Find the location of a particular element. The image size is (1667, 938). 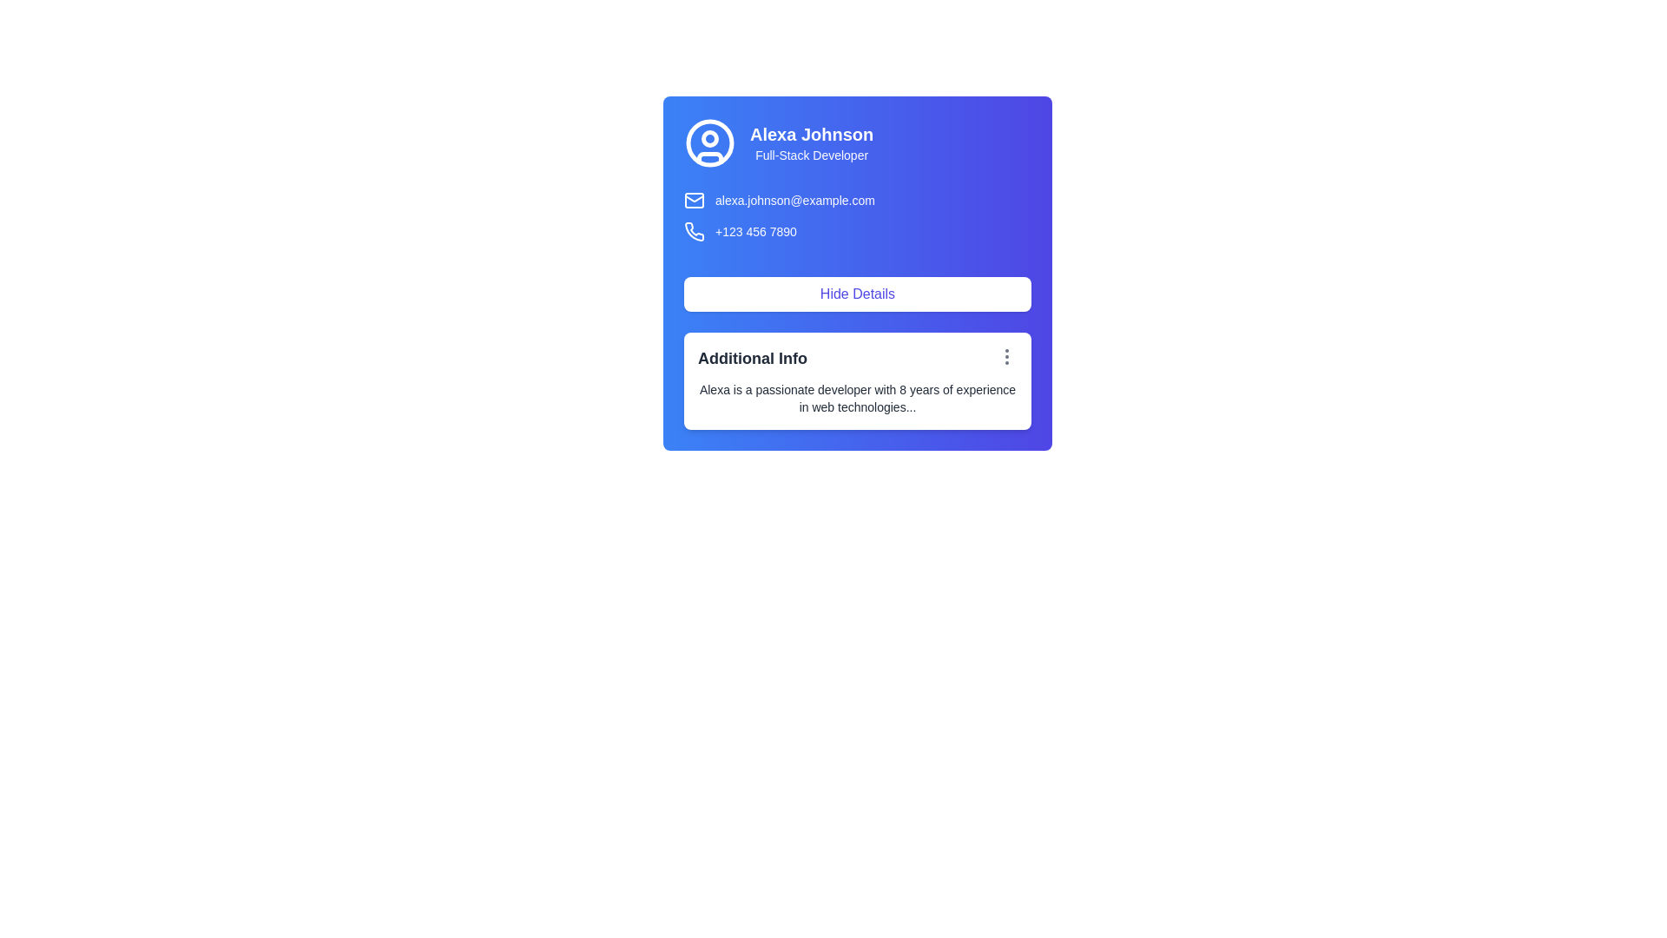

the small circular shape located within the larger circular icon at the top-left section of the card interface, which is styled in a minimalistic design and positioned to the left of the name 'Alexa Johnson' is located at coordinates (709, 137).